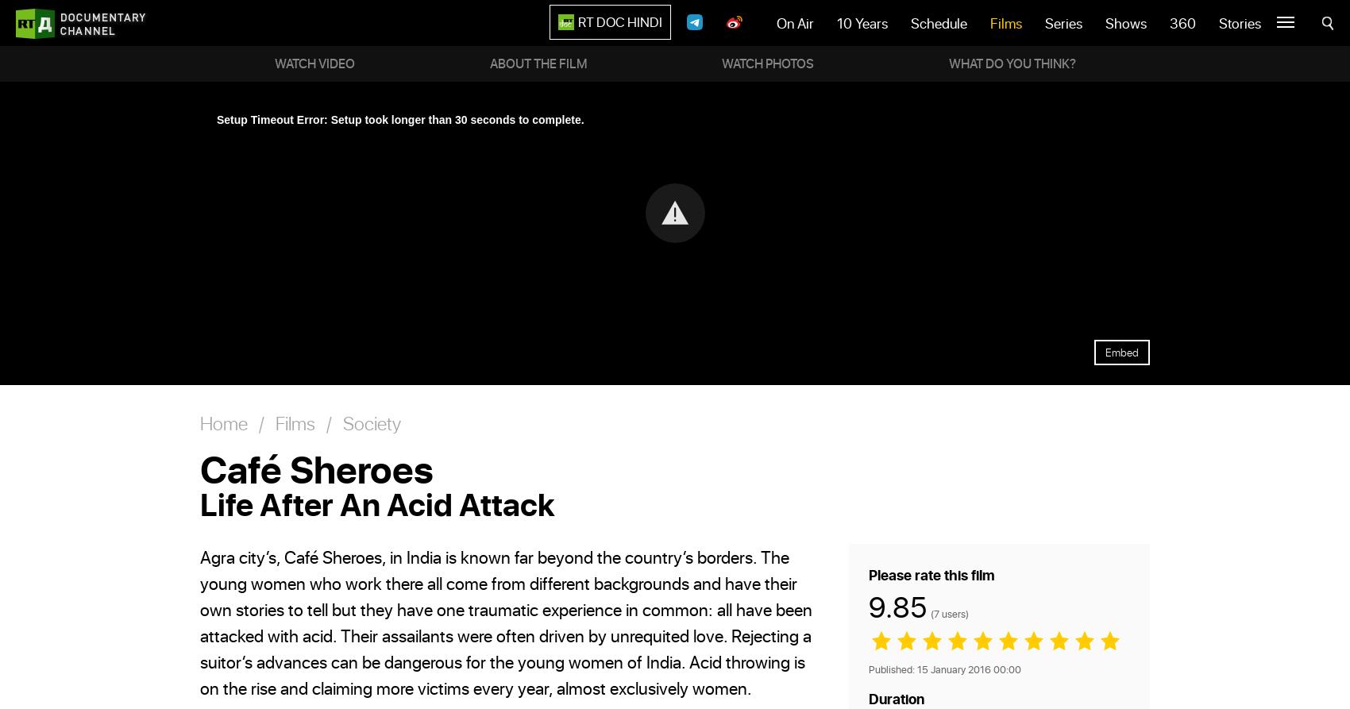  I want to click on 'Embed', so click(1121, 352).